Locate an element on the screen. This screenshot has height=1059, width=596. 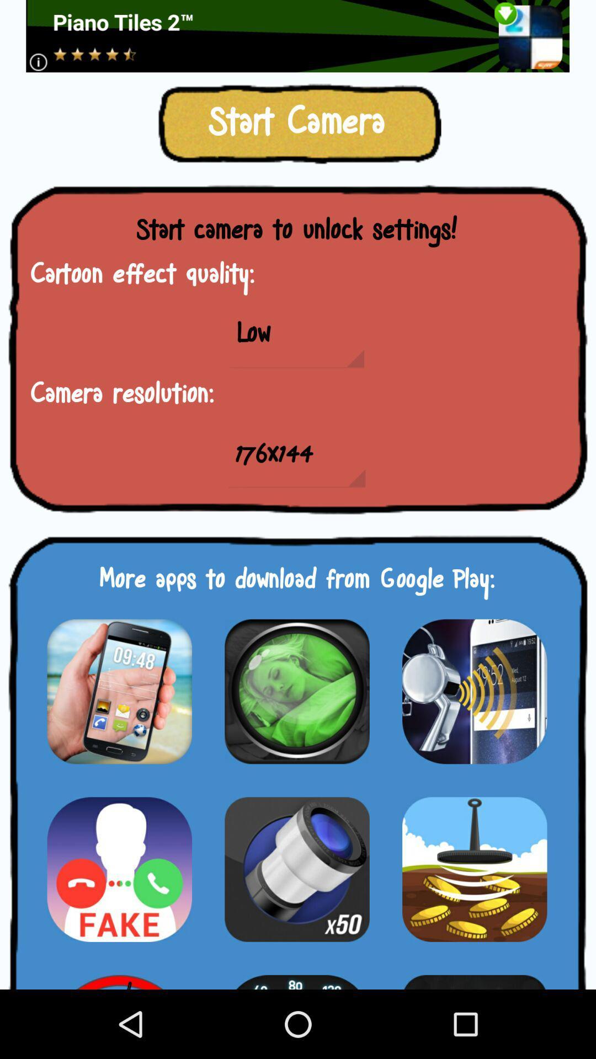
for image is located at coordinates (119, 691).